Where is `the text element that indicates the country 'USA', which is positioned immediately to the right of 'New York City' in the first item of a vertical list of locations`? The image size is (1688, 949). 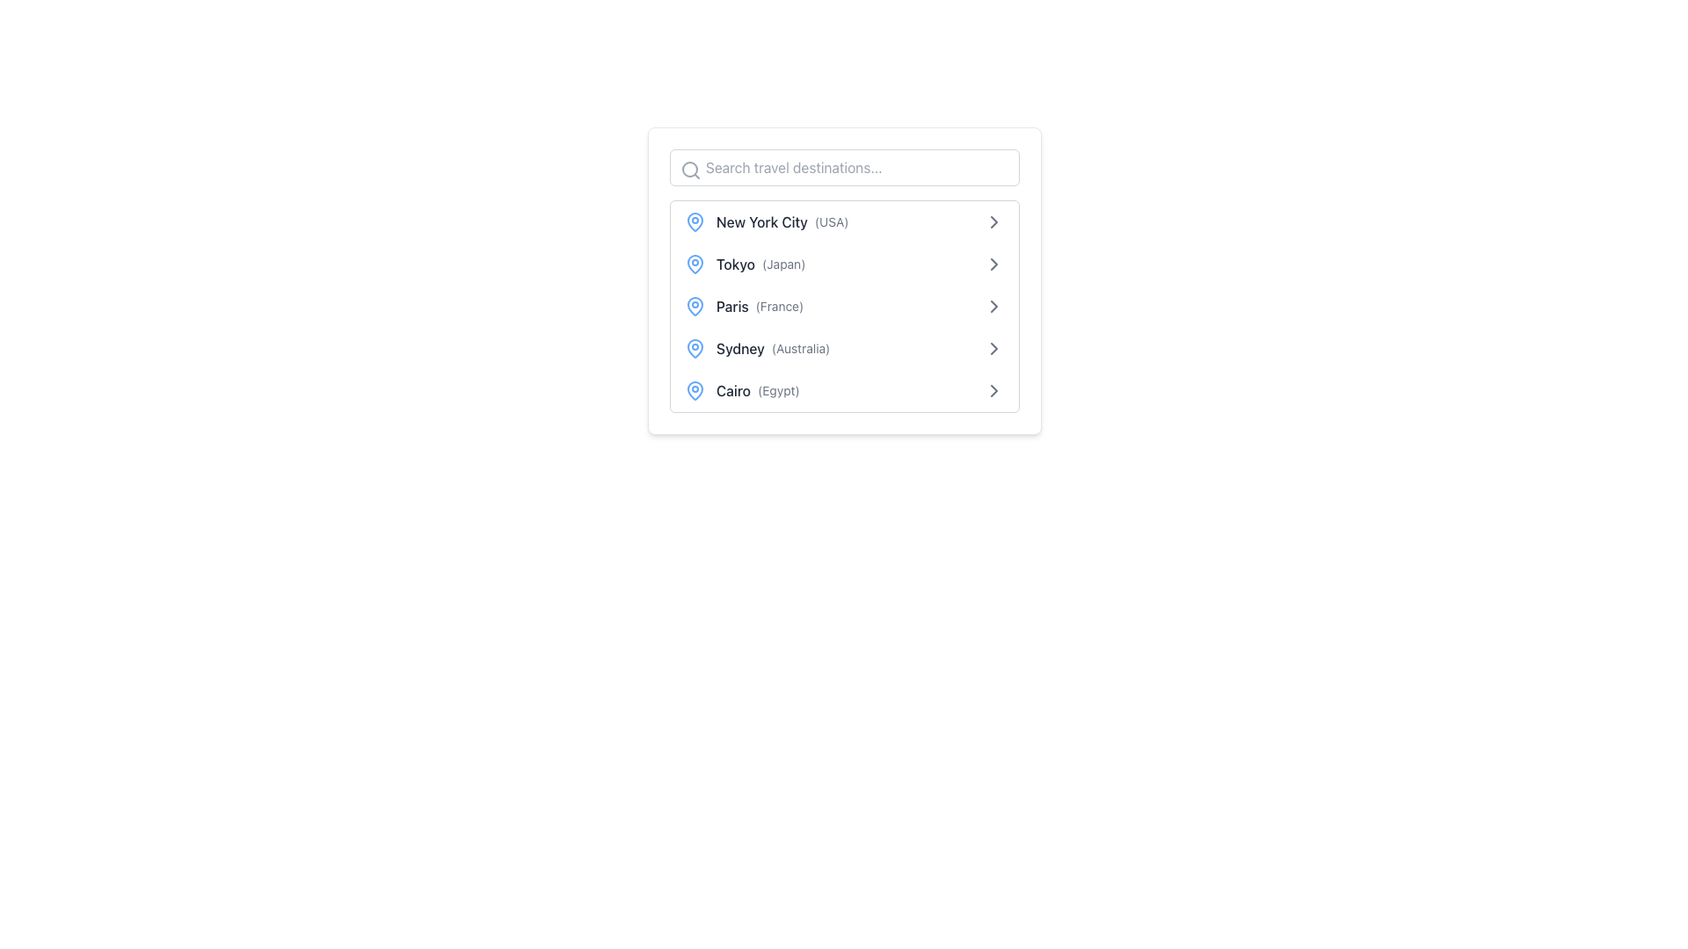 the text element that indicates the country 'USA', which is positioned immediately to the right of 'New York City' in the first item of a vertical list of locations is located at coordinates (831, 221).